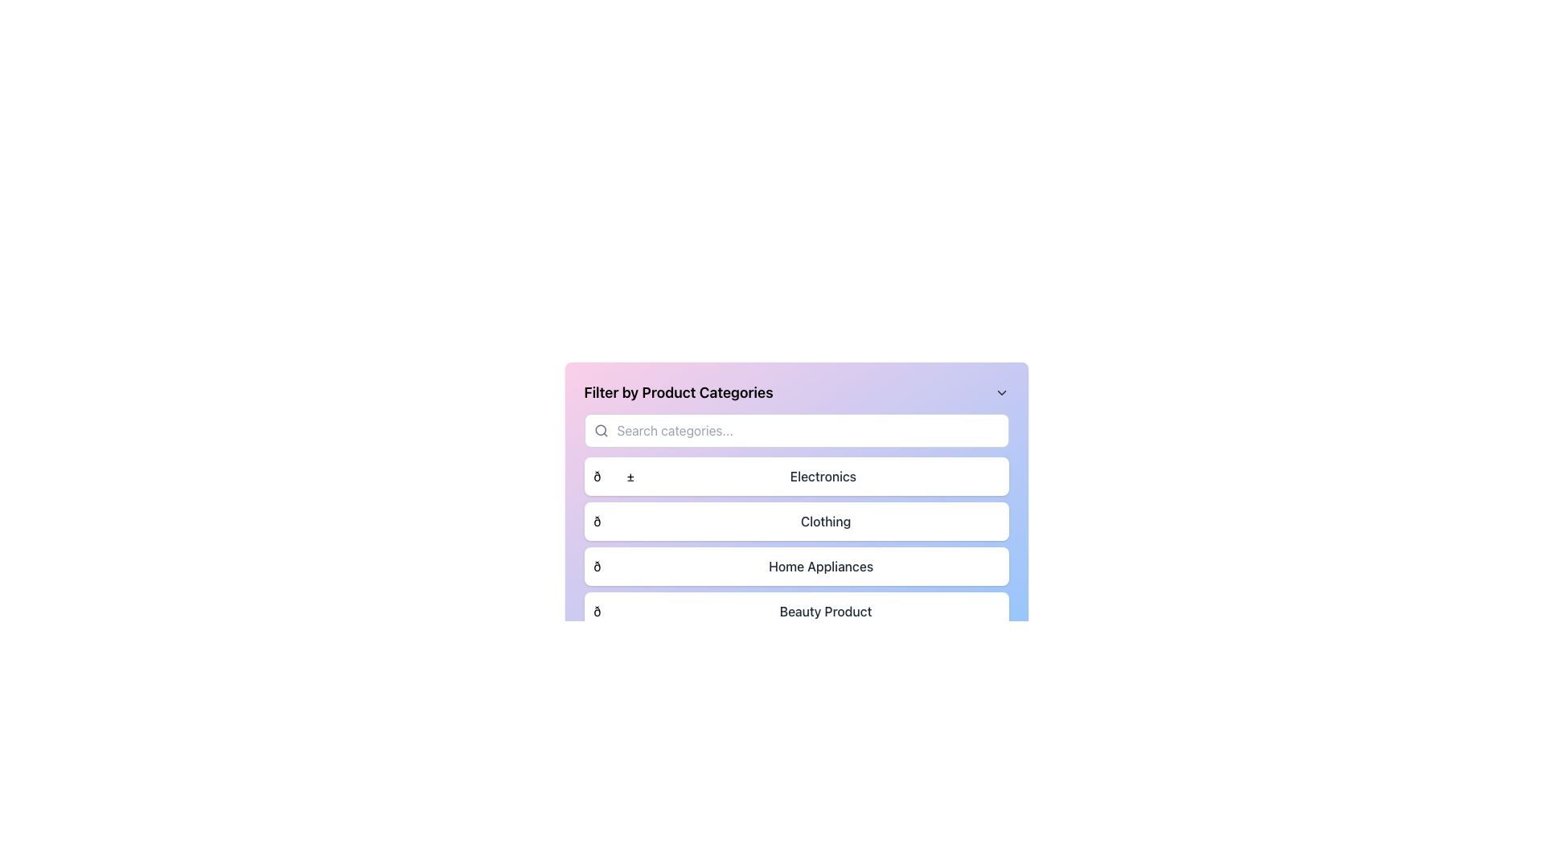  I want to click on the filter button labeled 'Clothing' located below the 'Electronics' button in the 'Filter by Product Categories' panel, so click(796, 505).